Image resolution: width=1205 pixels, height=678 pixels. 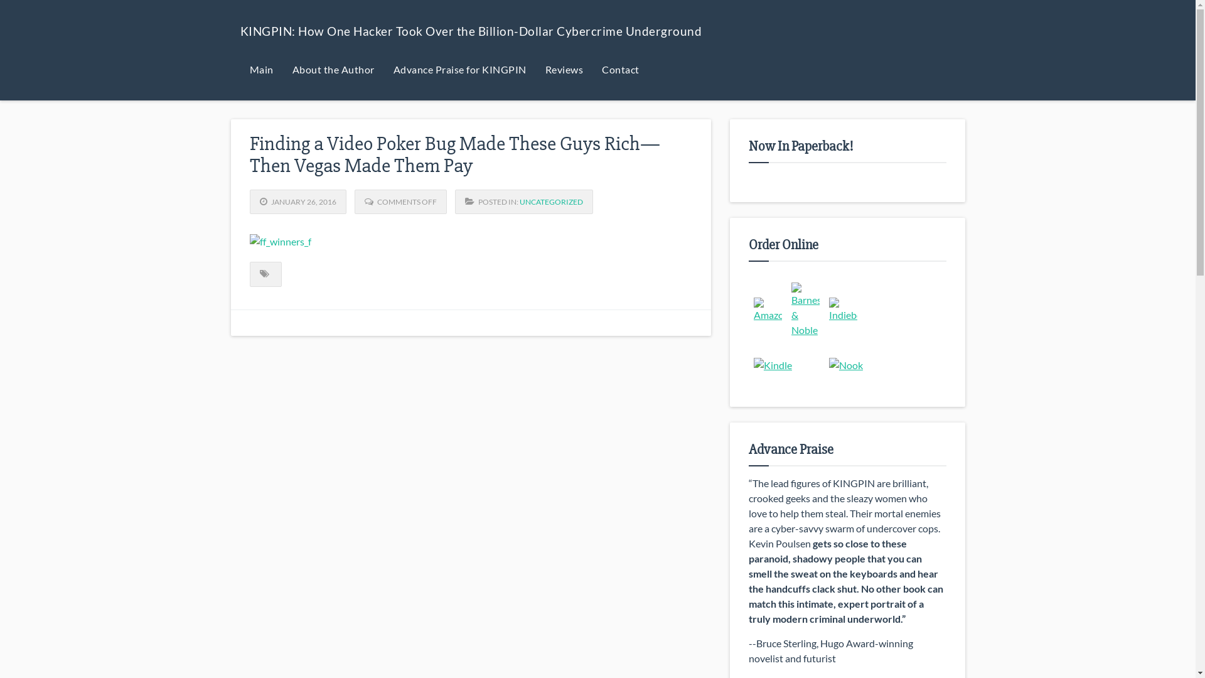 I want to click on 'Main', so click(x=260, y=69).